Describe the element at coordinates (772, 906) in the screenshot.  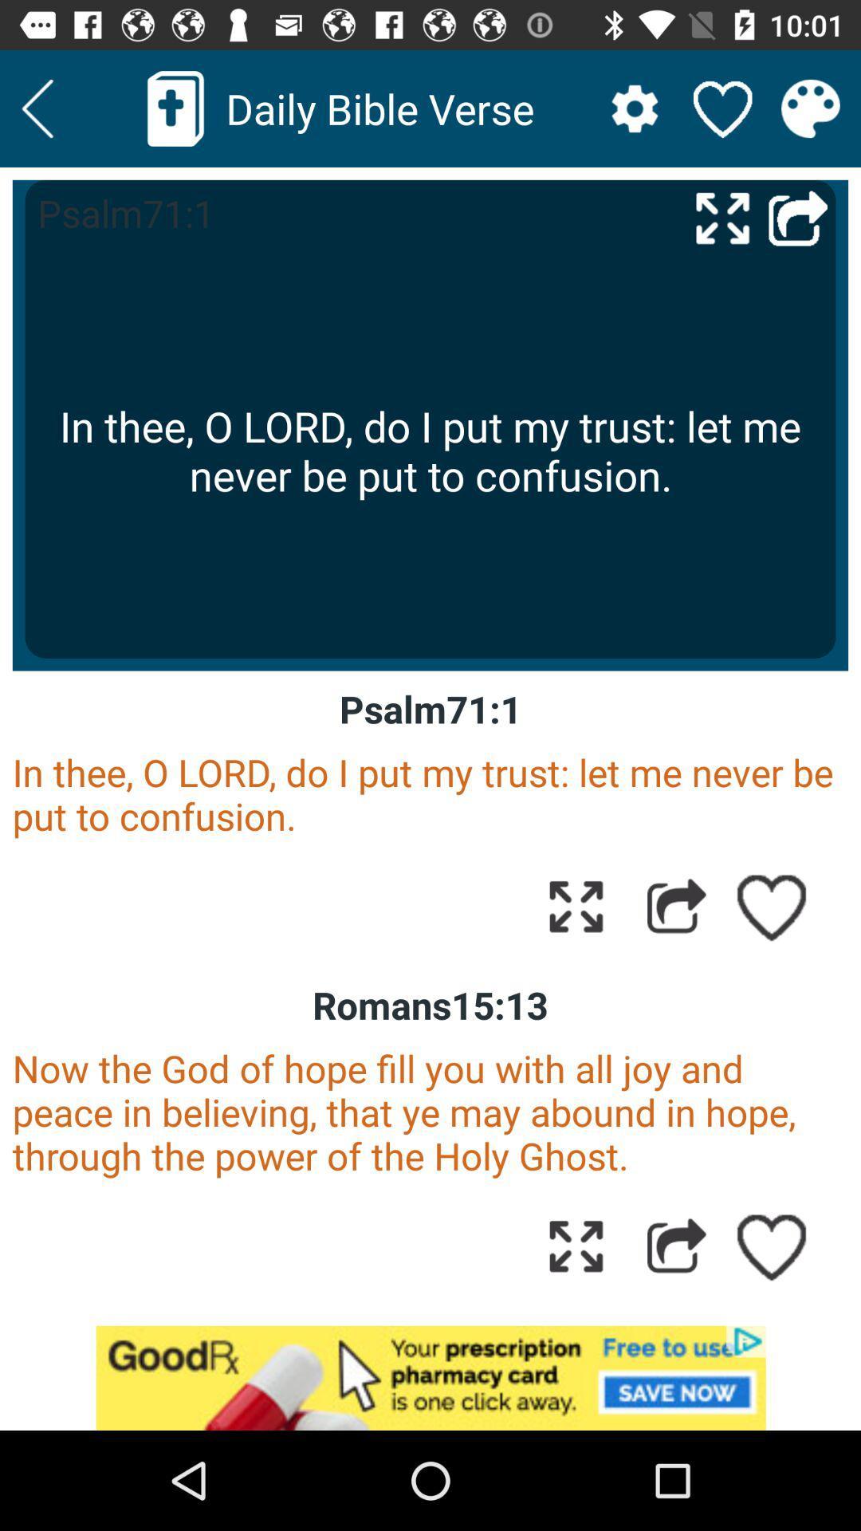
I see `like page` at that location.